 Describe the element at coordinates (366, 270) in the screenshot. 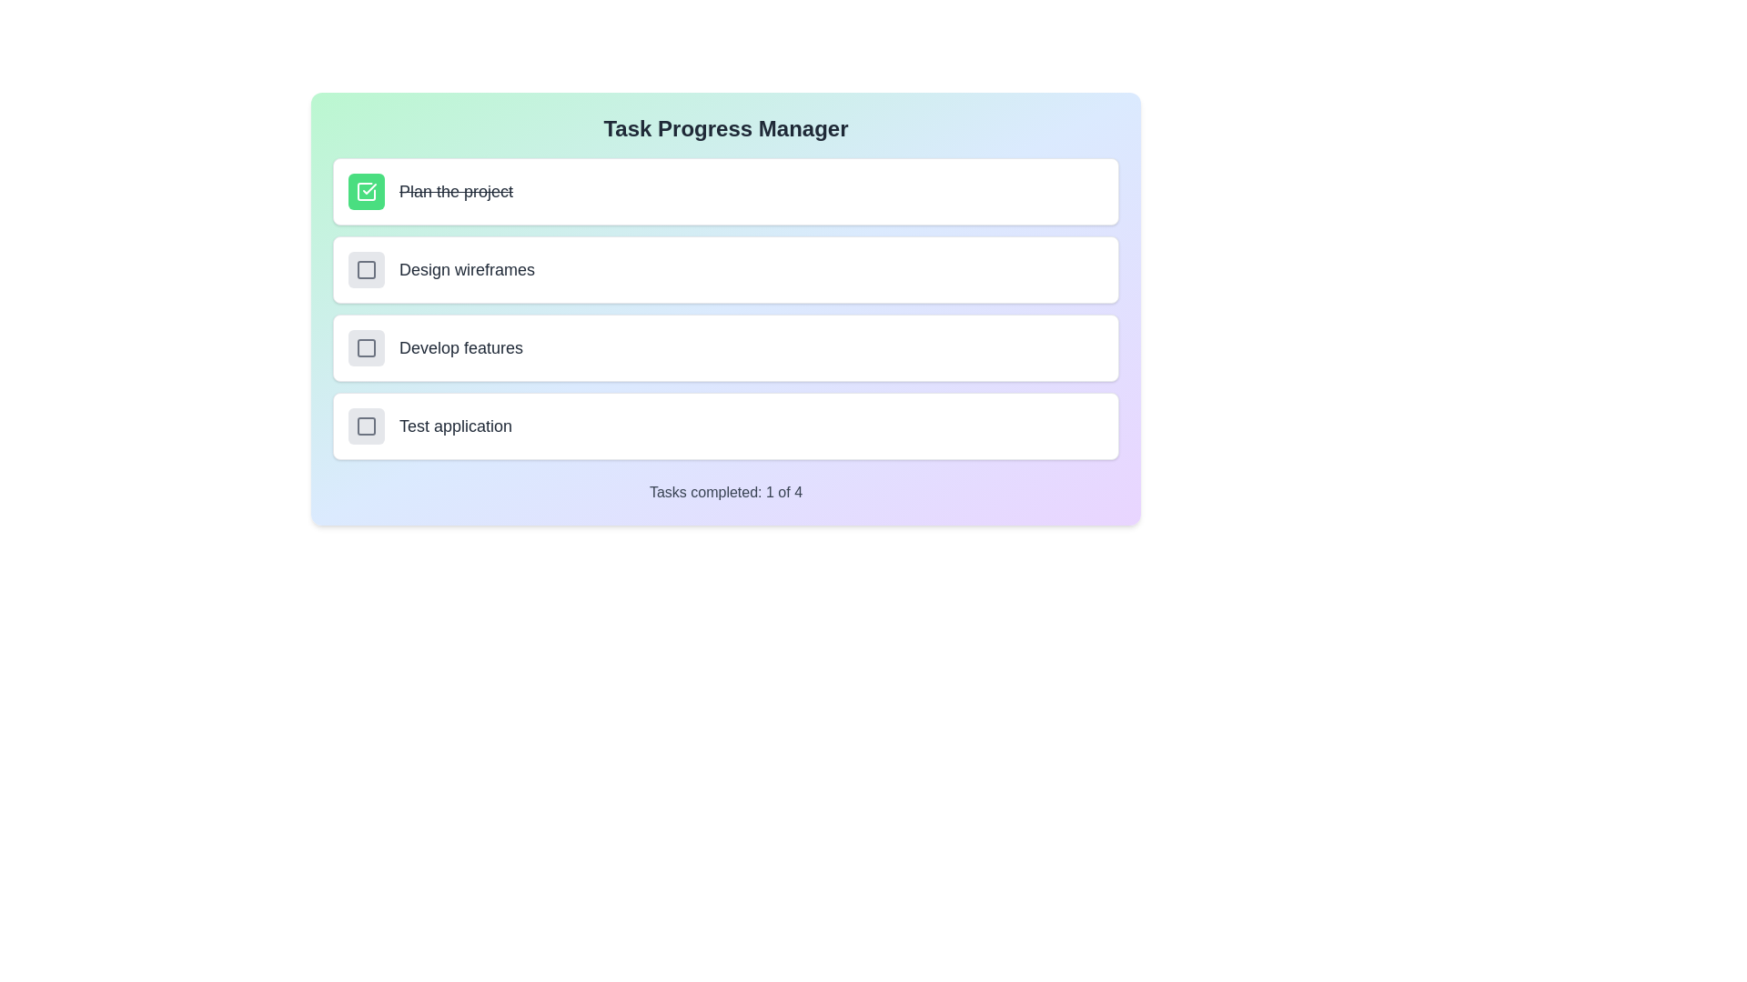

I see `the checkbox-style input element for the task 'Design wireframes' to observe the scaling effect` at that location.